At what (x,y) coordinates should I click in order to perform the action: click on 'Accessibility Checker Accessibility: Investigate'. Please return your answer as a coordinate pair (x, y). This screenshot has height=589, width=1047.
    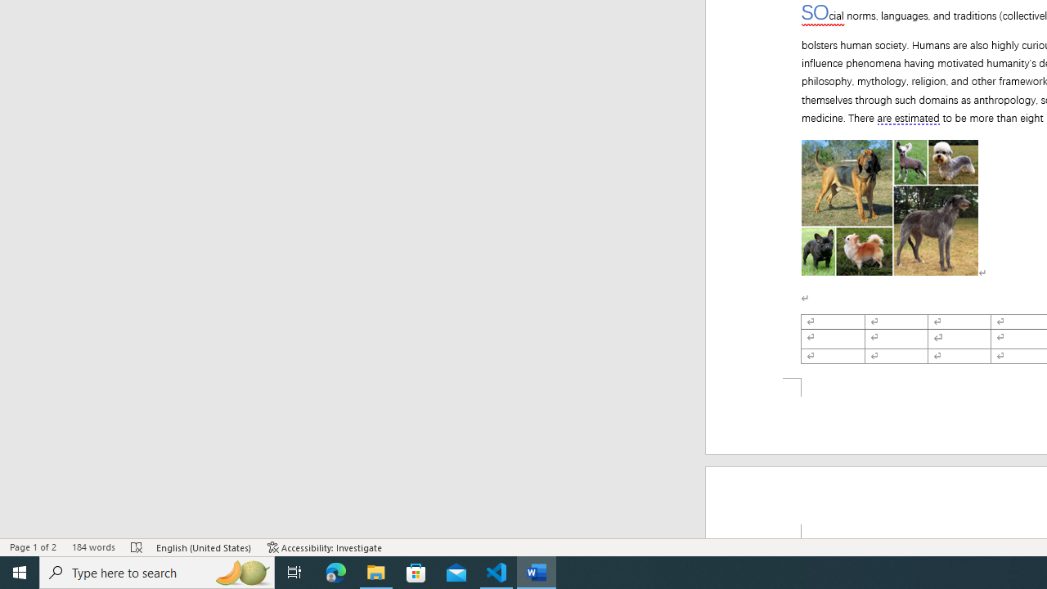
    Looking at the image, I should click on (325, 547).